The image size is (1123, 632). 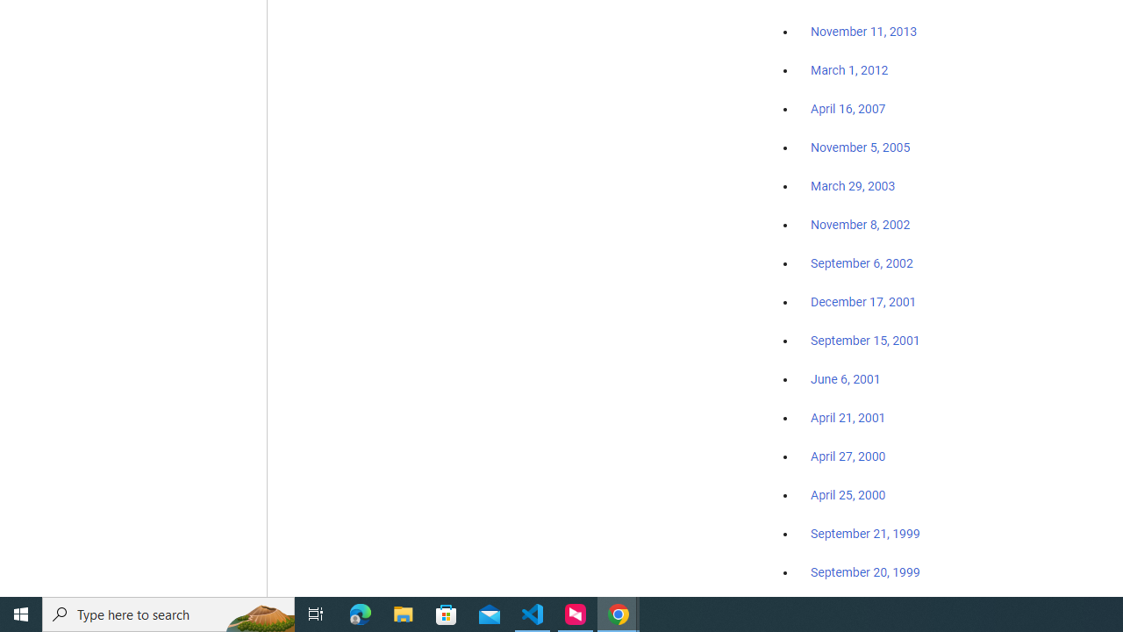 I want to click on 'September 15, 2001', so click(x=865, y=340).